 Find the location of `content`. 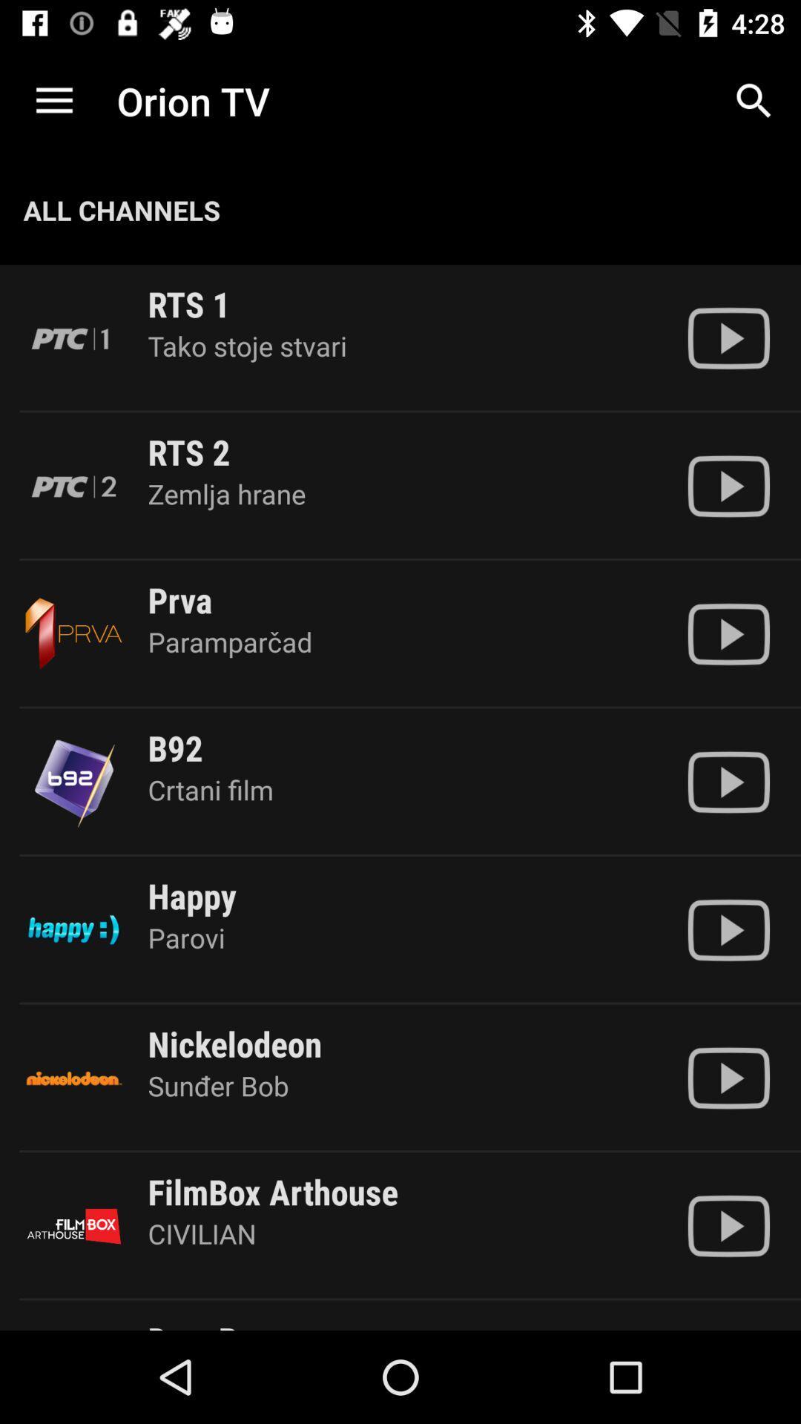

content is located at coordinates (728, 1226).